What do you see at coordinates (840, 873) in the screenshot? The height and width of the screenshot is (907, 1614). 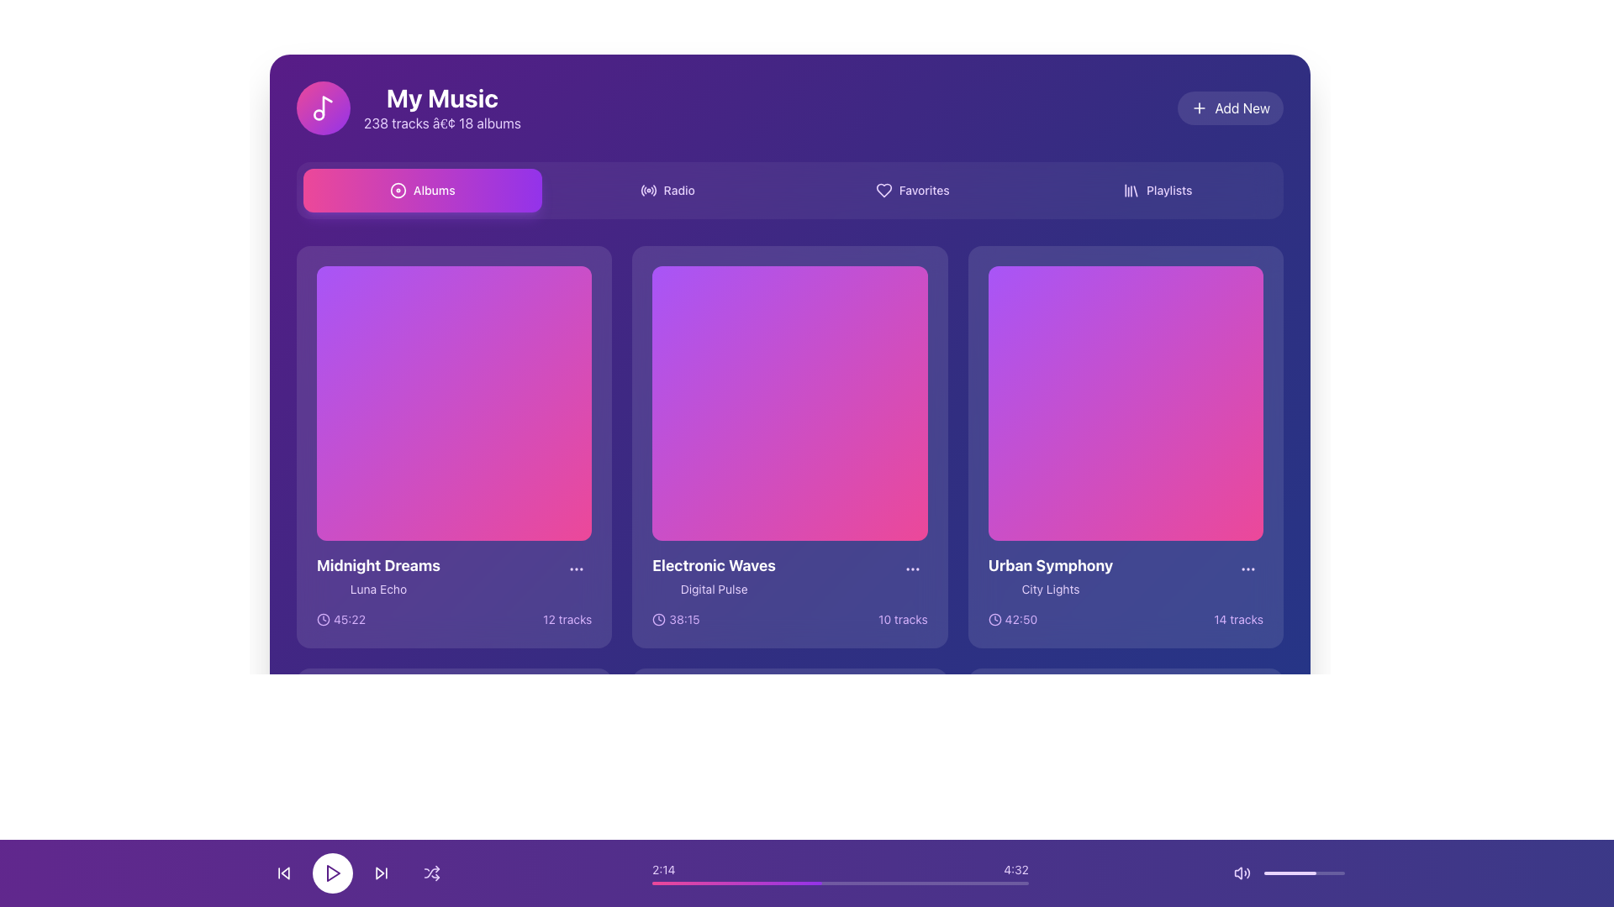 I see `the Progress Bar located below the main music display section, which features time indicators '2:14' on the left and '4:32' on the right, with a gradient-colored progress line indicating elapsed time` at bounding box center [840, 873].